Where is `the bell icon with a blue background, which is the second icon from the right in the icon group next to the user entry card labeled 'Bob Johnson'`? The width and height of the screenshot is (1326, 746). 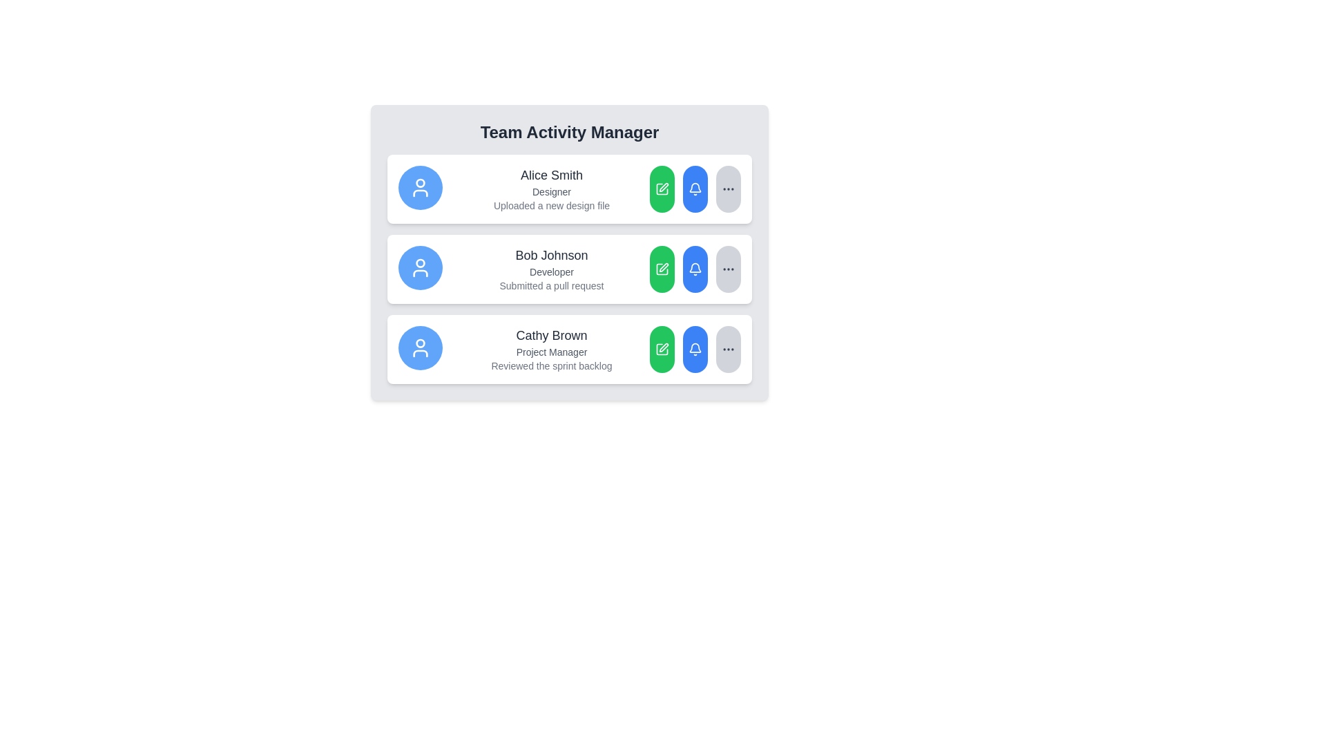 the bell icon with a blue background, which is the second icon from the right in the icon group next to the user entry card labeled 'Bob Johnson' is located at coordinates (695, 269).